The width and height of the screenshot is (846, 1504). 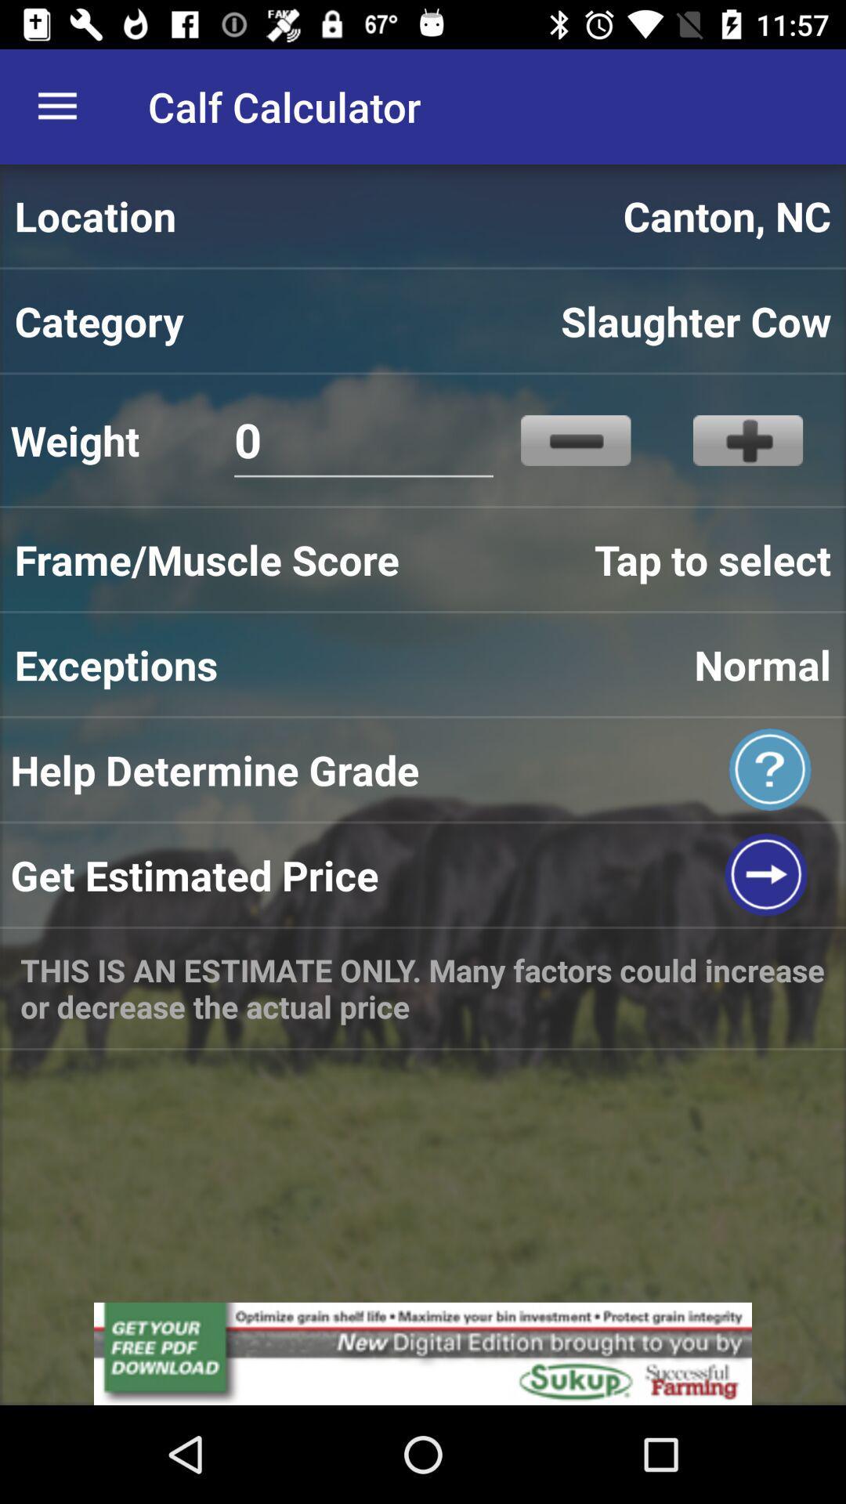 What do you see at coordinates (576, 439) in the screenshot?
I see `decrease value` at bounding box center [576, 439].